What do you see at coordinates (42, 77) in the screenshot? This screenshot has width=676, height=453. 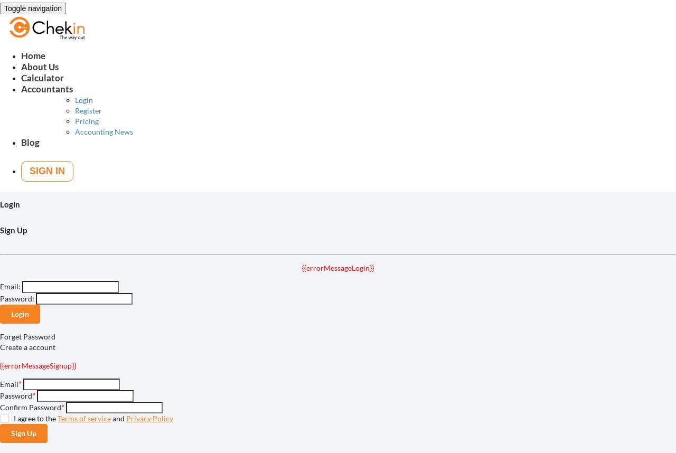 I see `'Calculator'` at bounding box center [42, 77].